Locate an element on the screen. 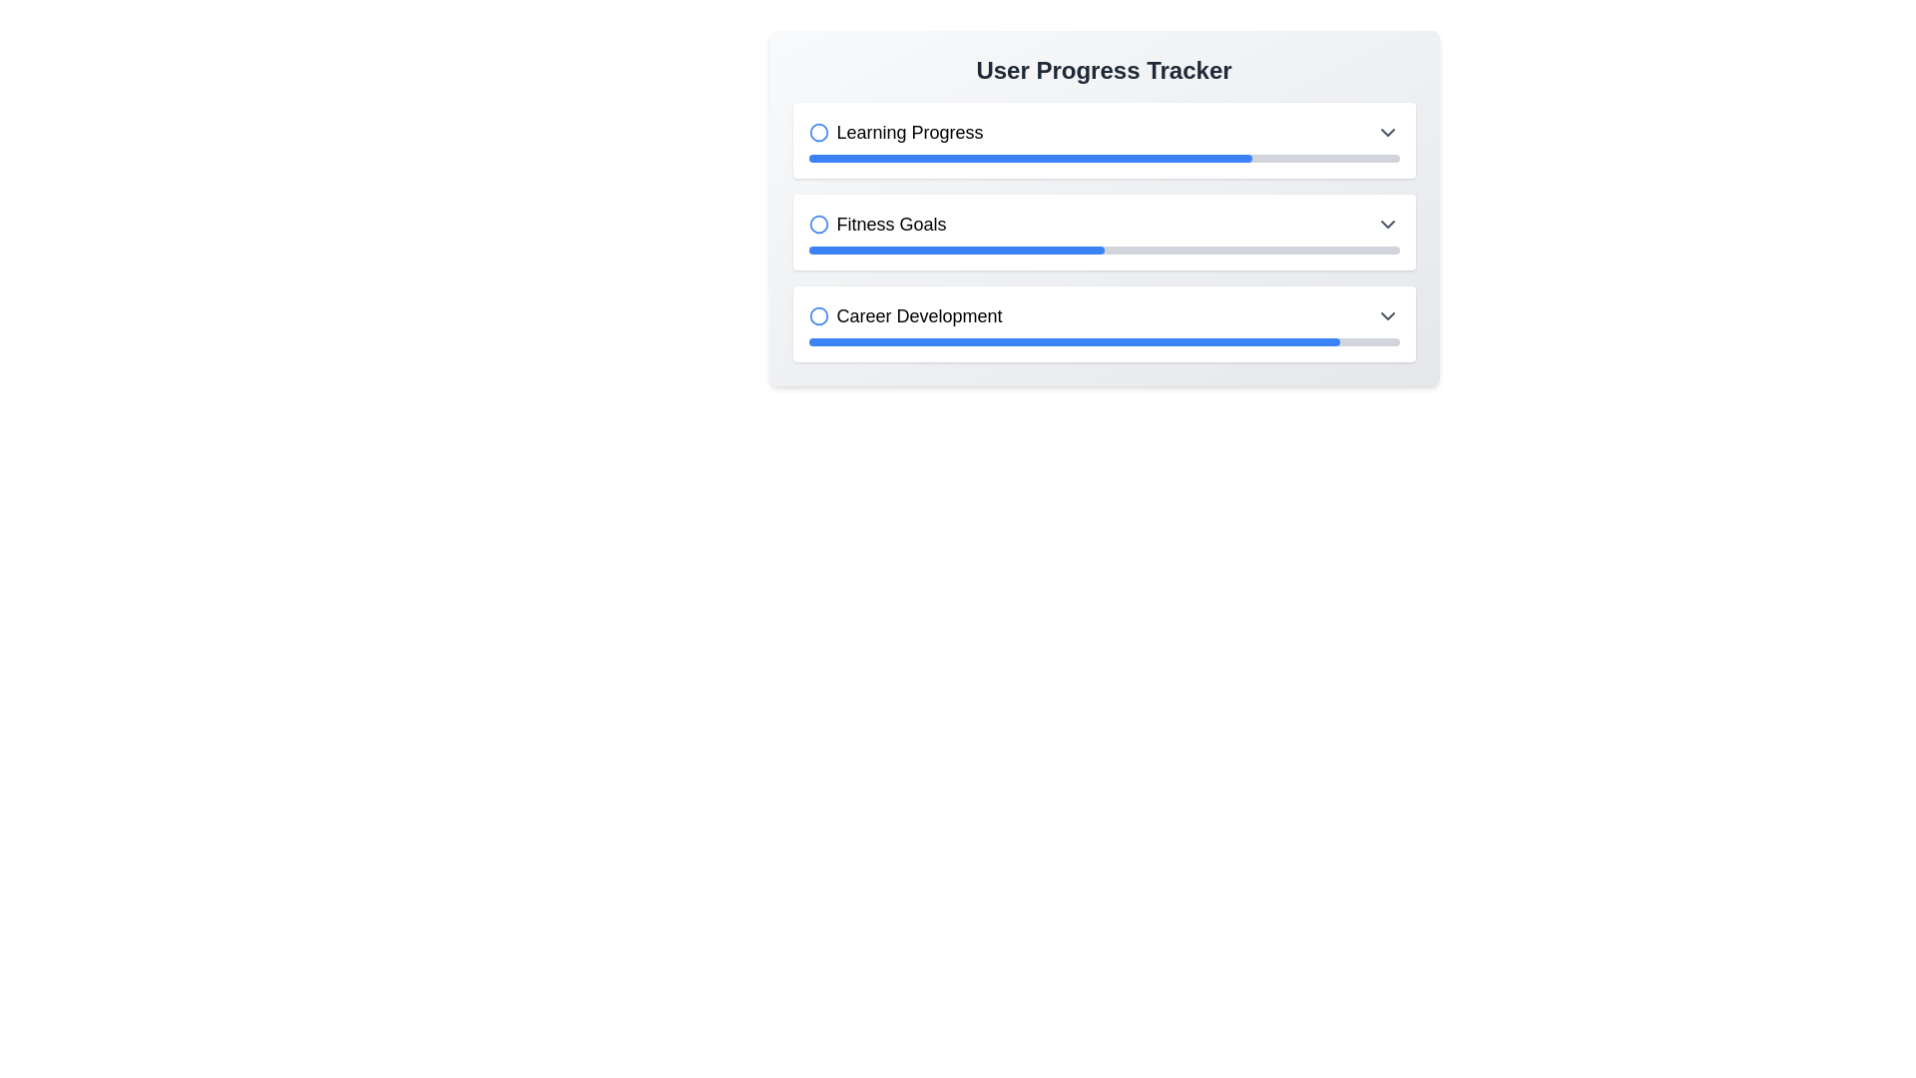  the blue progress bar representing the current progress in the 'Learning Progress' section, located at the top of the progress tracking interface is located at coordinates (1030, 157).